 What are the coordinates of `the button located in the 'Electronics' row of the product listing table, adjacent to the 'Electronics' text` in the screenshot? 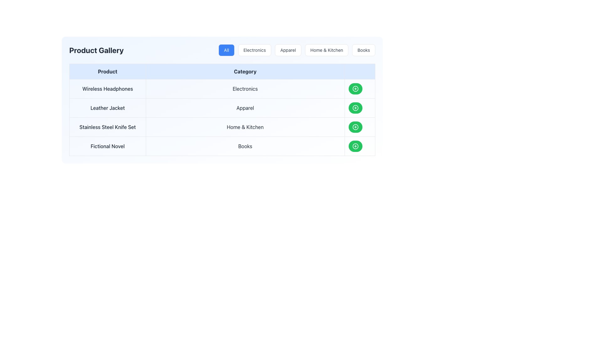 It's located at (355, 89).